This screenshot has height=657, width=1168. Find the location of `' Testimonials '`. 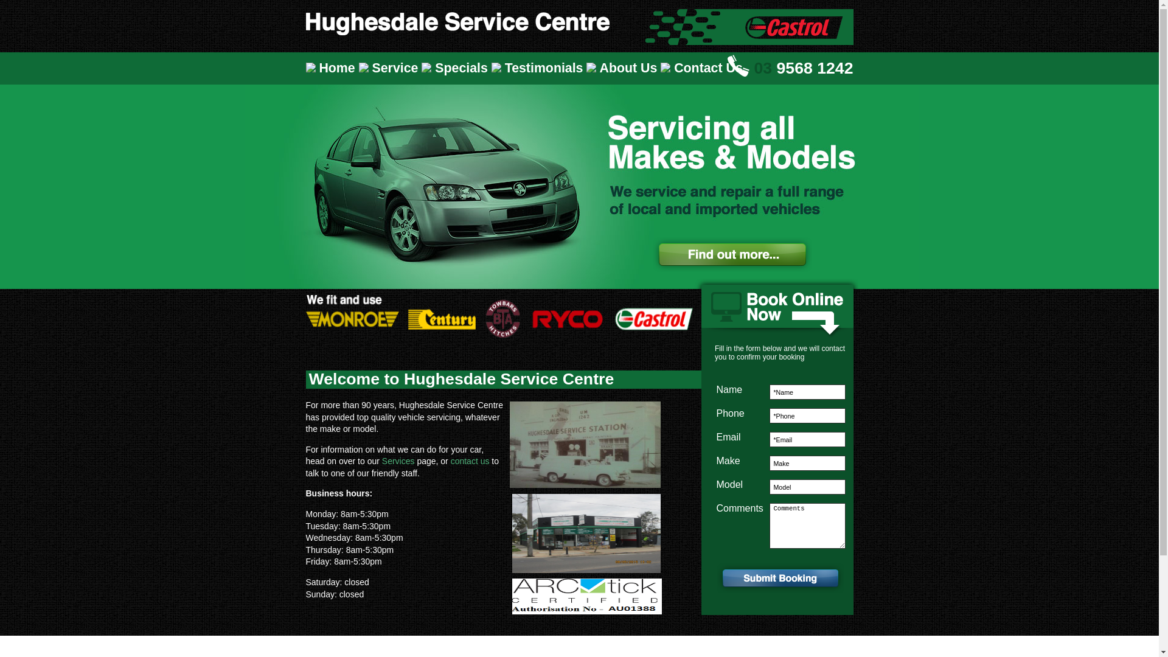

' Testimonials ' is located at coordinates (538, 68).